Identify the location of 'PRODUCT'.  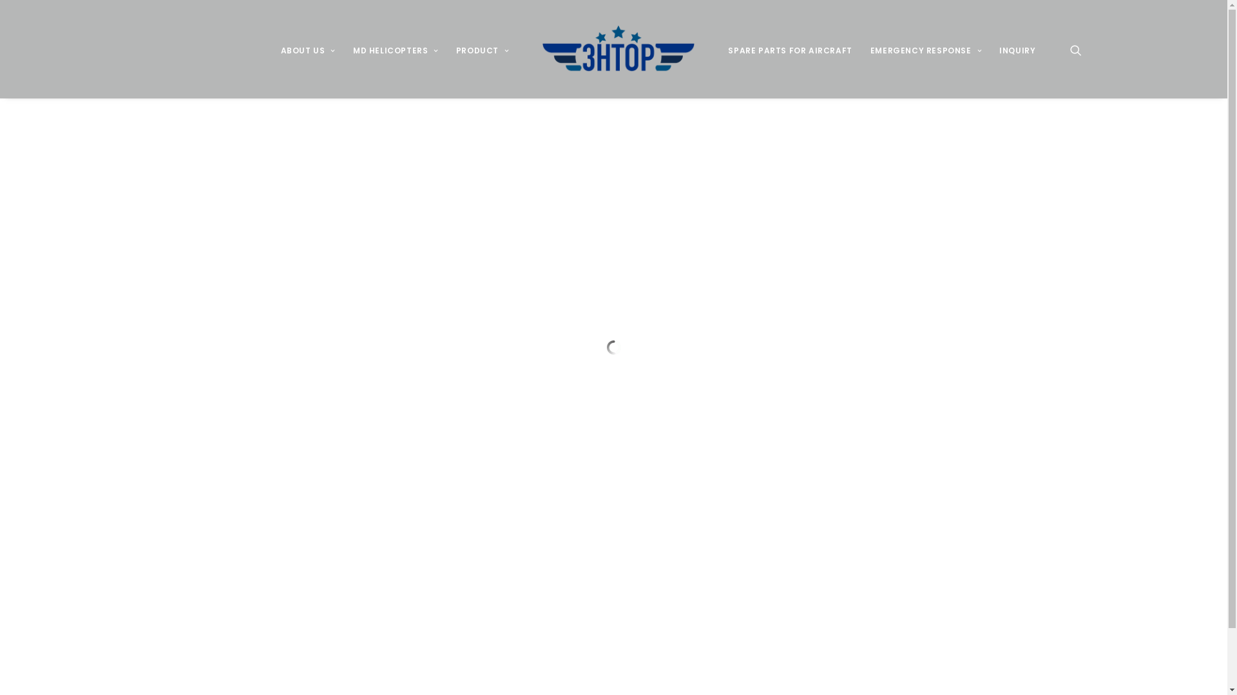
(481, 48).